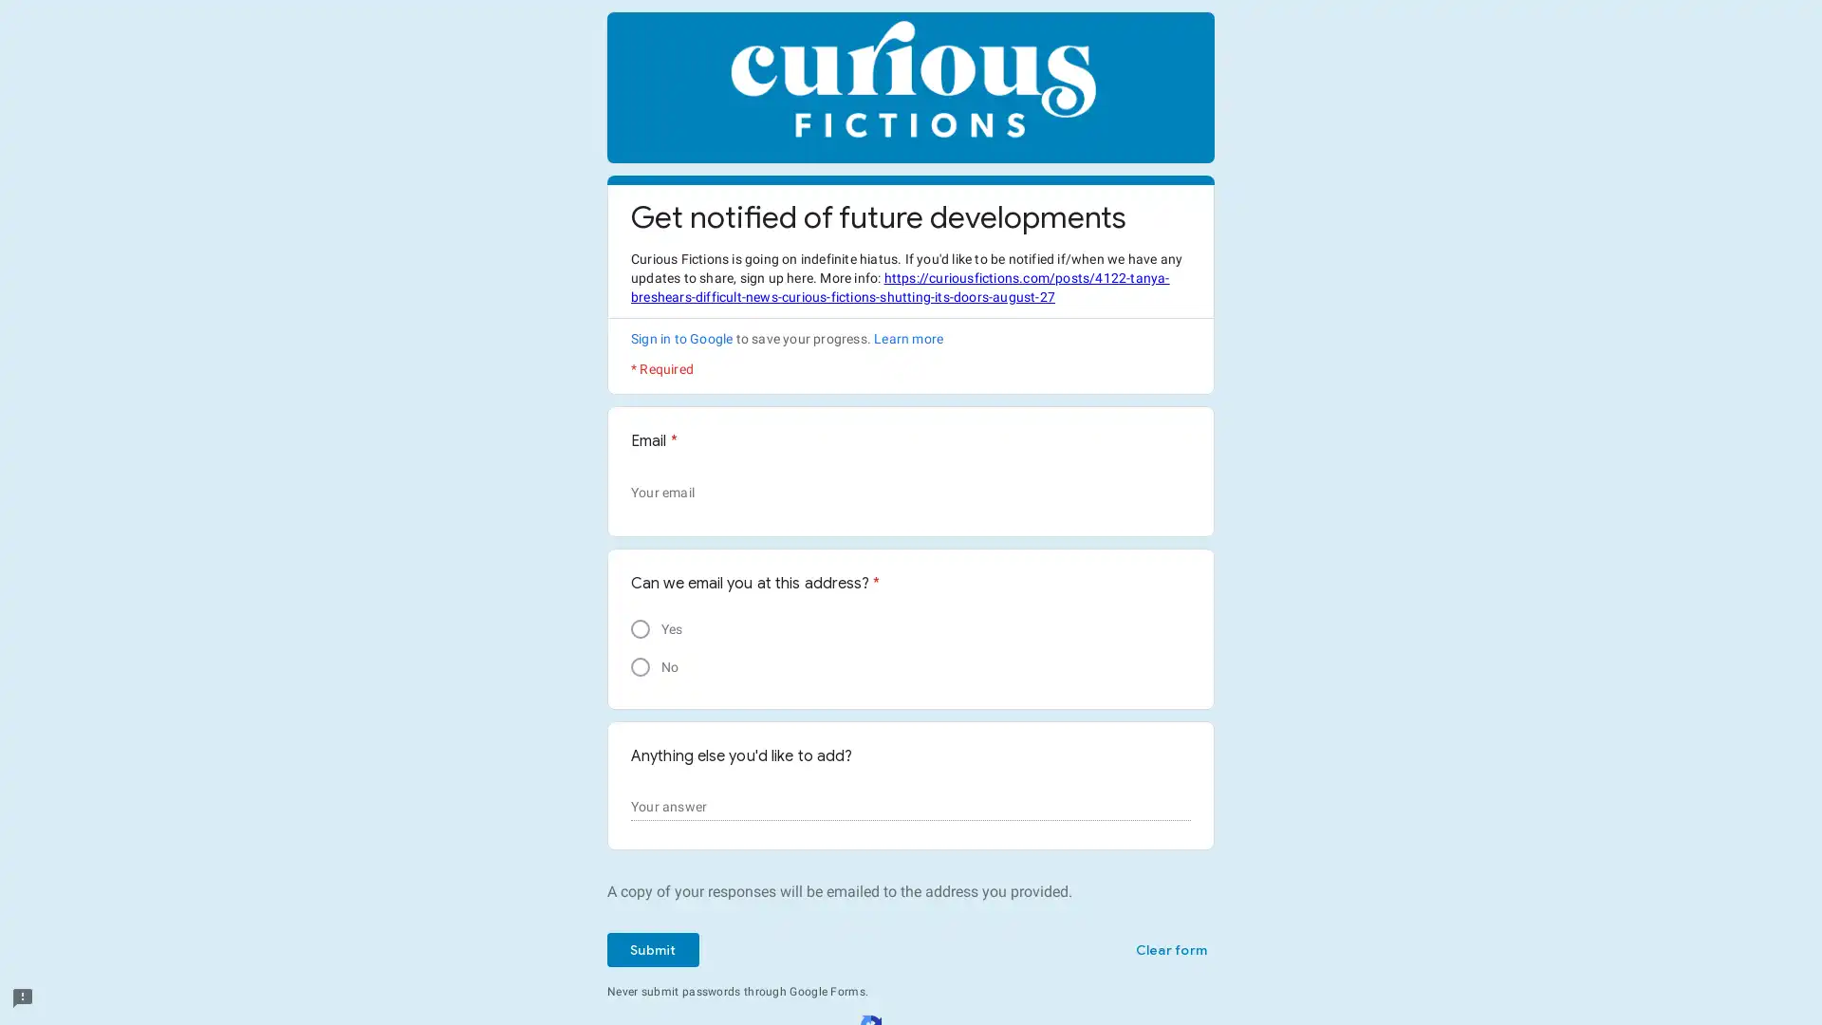 The width and height of the screenshot is (1822, 1025). I want to click on Clear form, so click(1169, 950).